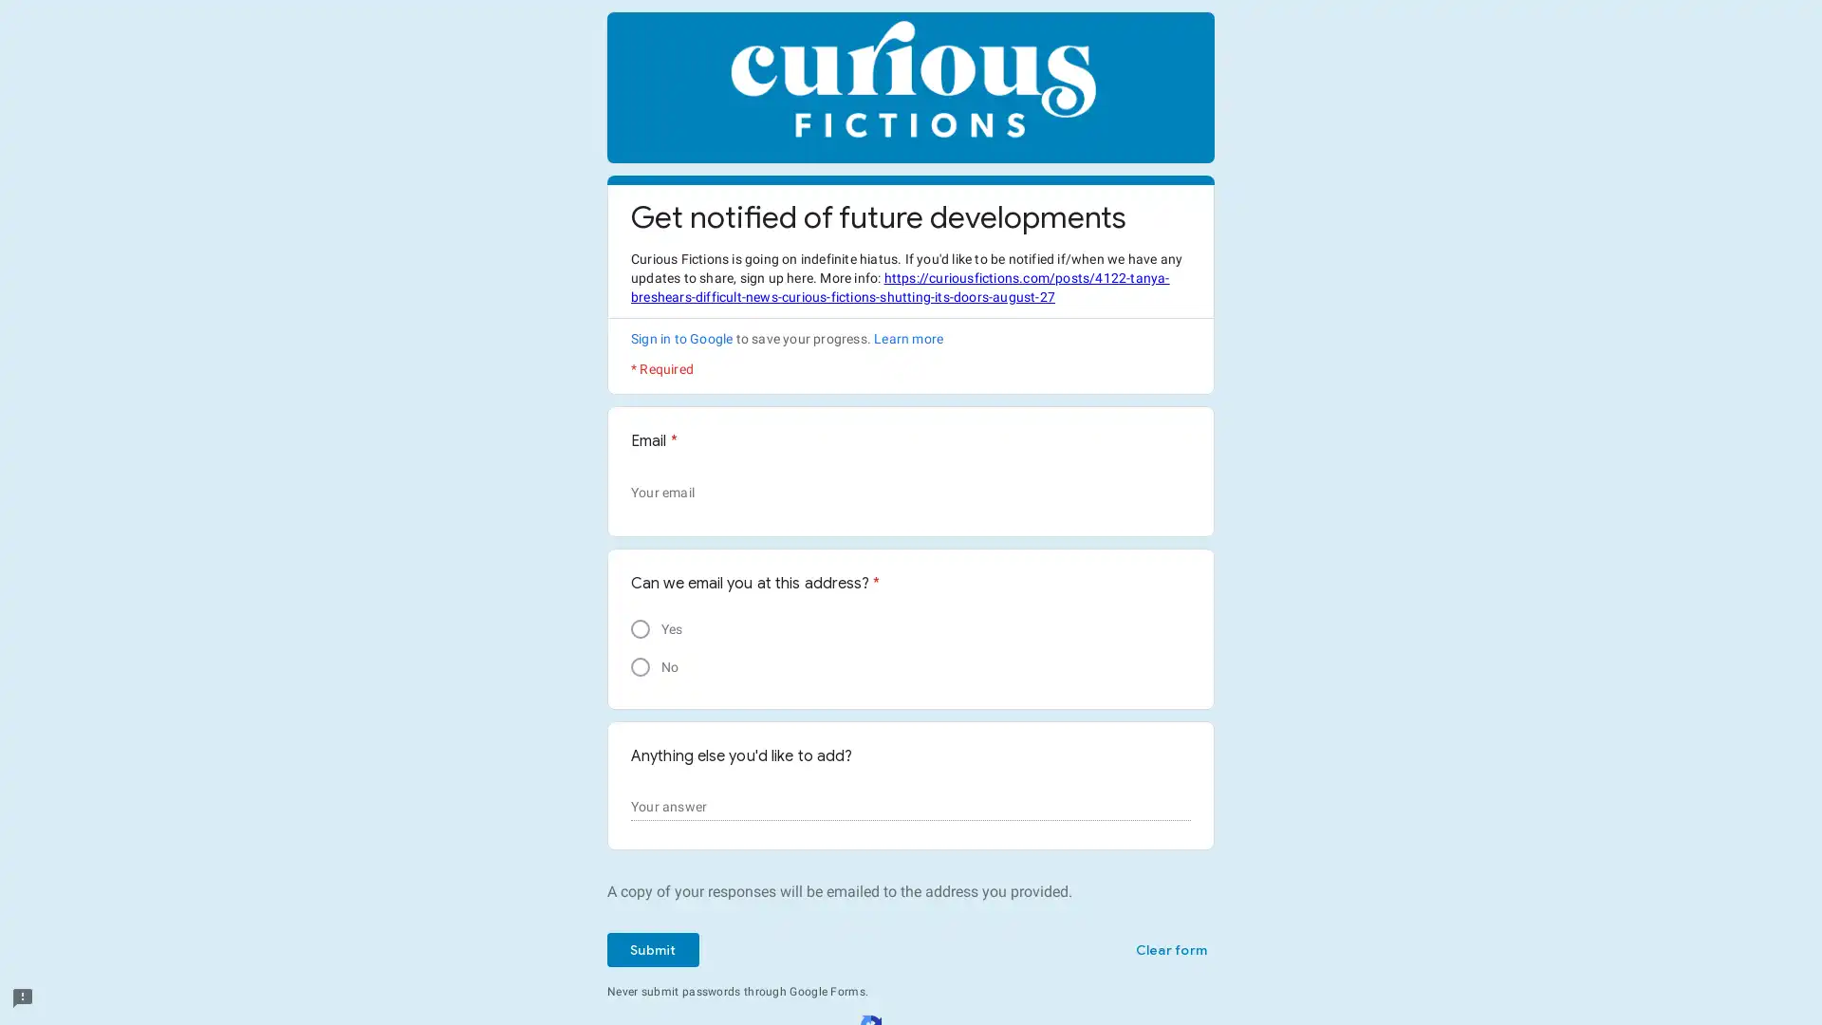 The width and height of the screenshot is (1822, 1025). I want to click on Clear form, so click(1169, 950).